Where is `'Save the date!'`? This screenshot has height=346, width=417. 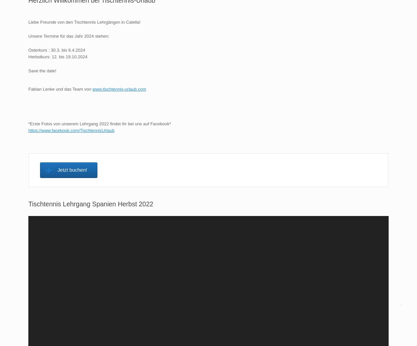
'Save the date!' is located at coordinates (42, 70).